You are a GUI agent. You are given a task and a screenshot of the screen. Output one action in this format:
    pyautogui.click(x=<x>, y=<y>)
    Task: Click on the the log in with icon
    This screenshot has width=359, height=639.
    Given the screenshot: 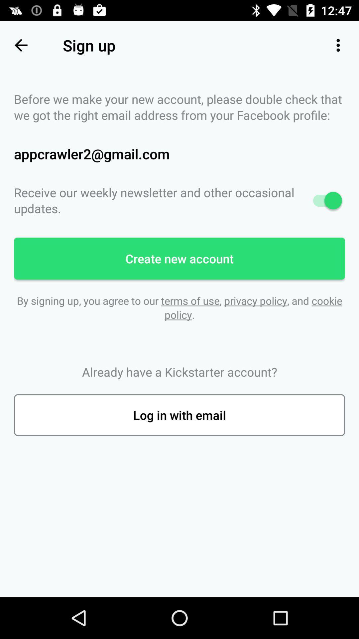 What is the action you would take?
    pyautogui.click(x=179, y=415)
    